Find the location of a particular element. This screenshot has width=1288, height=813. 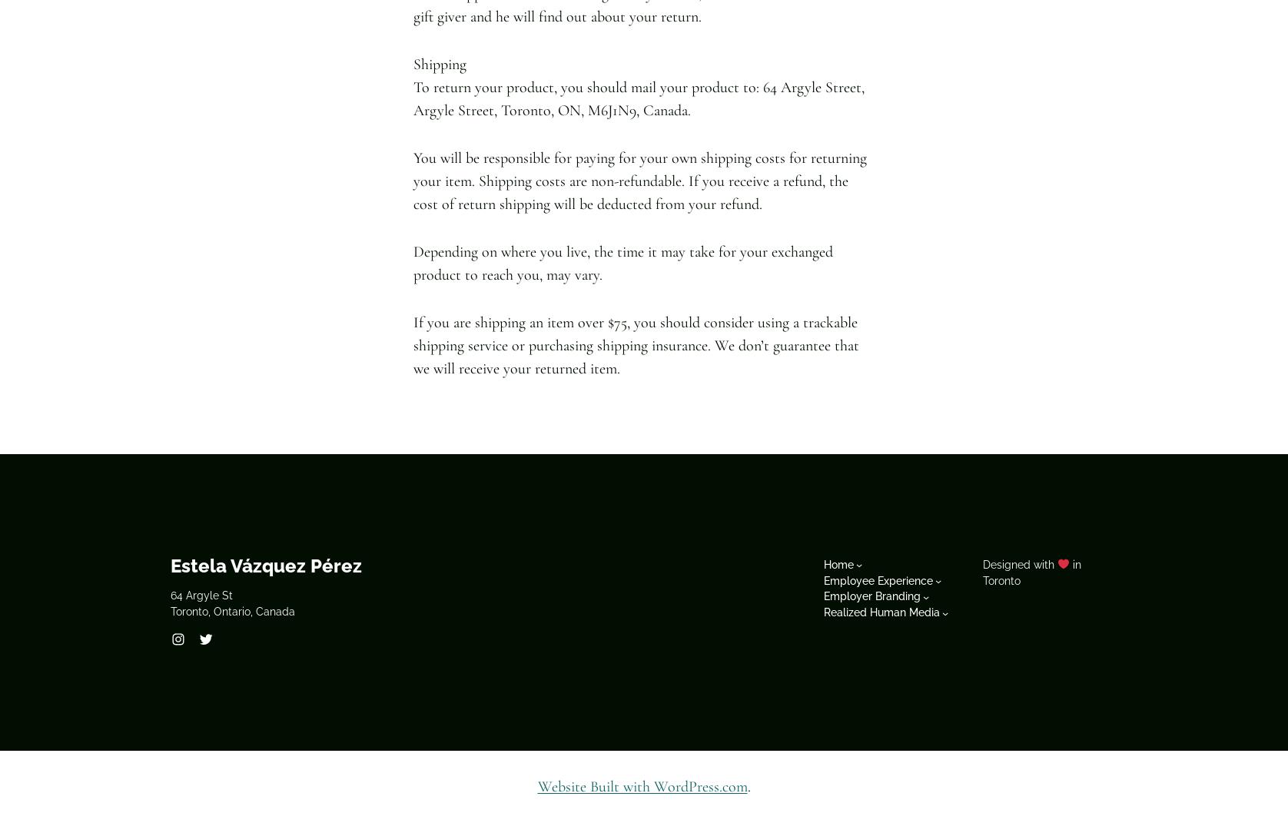

'To return your product, you should mail your product to: 64 Argyle Street, Argyle Street, Toronto, ON, M6J1N9, Canada.' is located at coordinates (413, 98).